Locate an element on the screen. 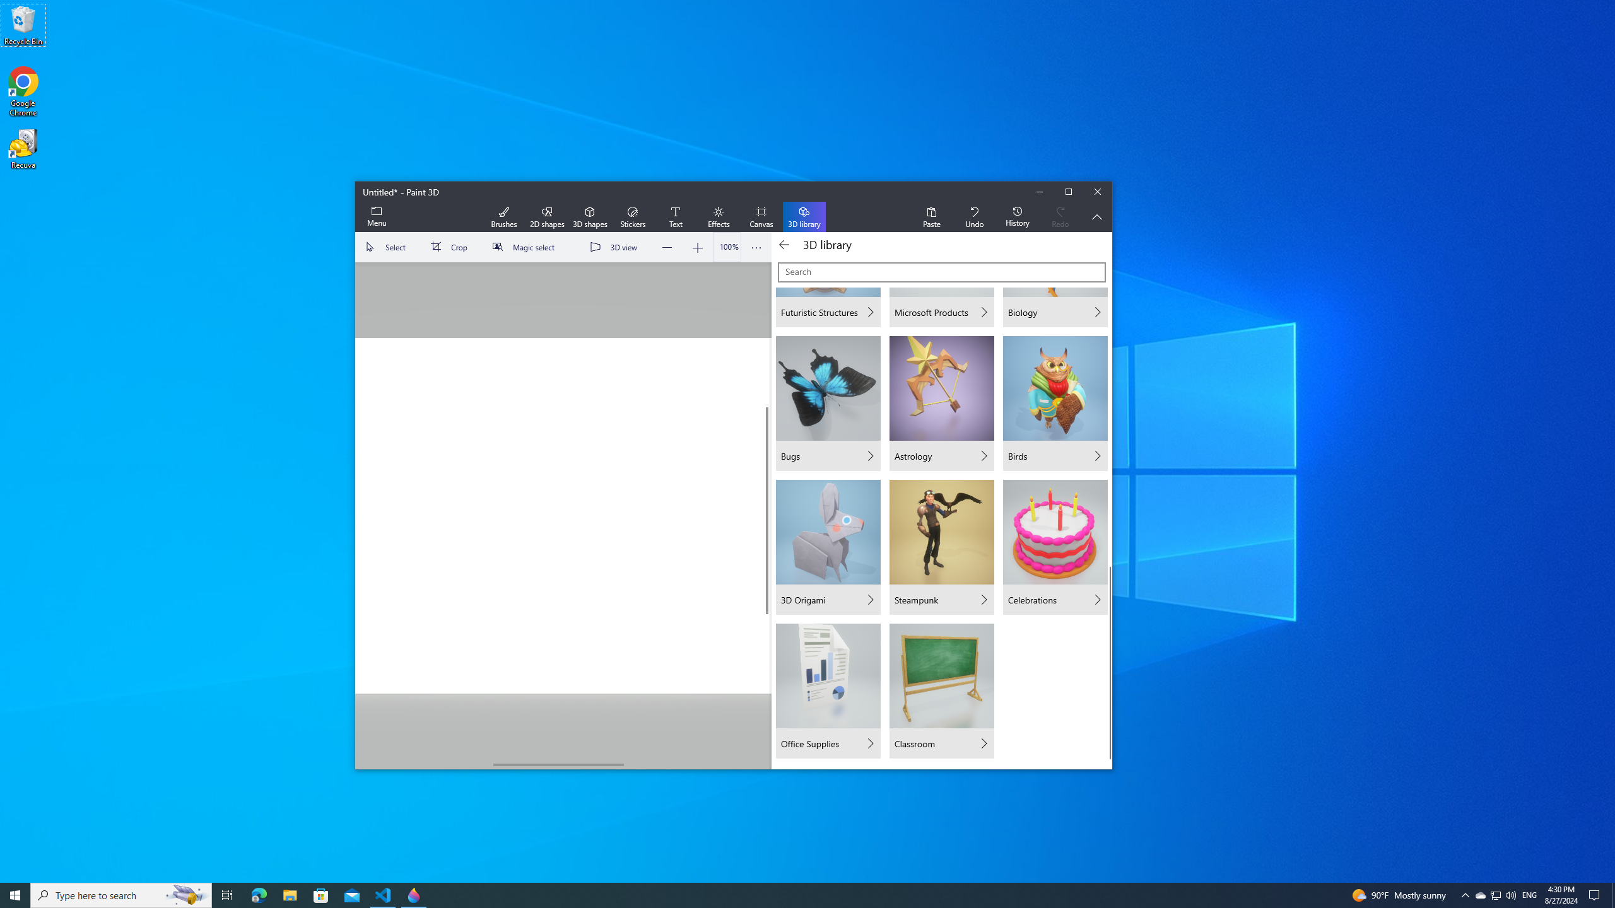  'Recycle Bin' is located at coordinates (23, 24).